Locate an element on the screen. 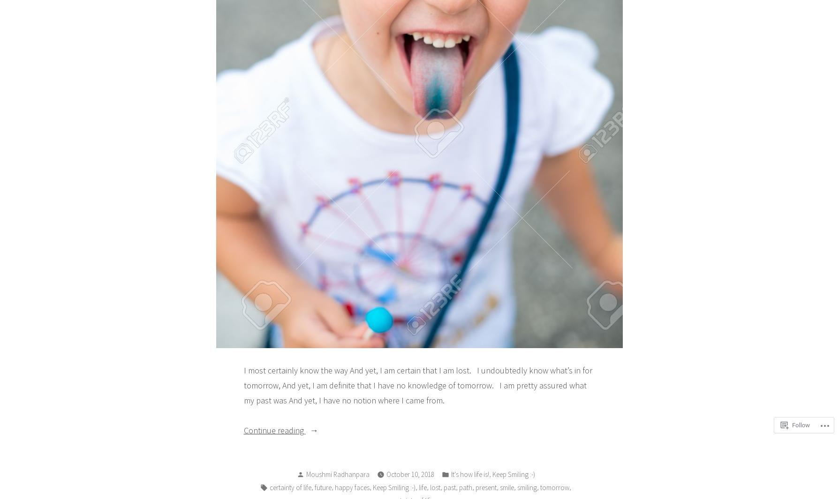 The image size is (839, 499). 'Continue reading' is located at coordinates (274, 430).